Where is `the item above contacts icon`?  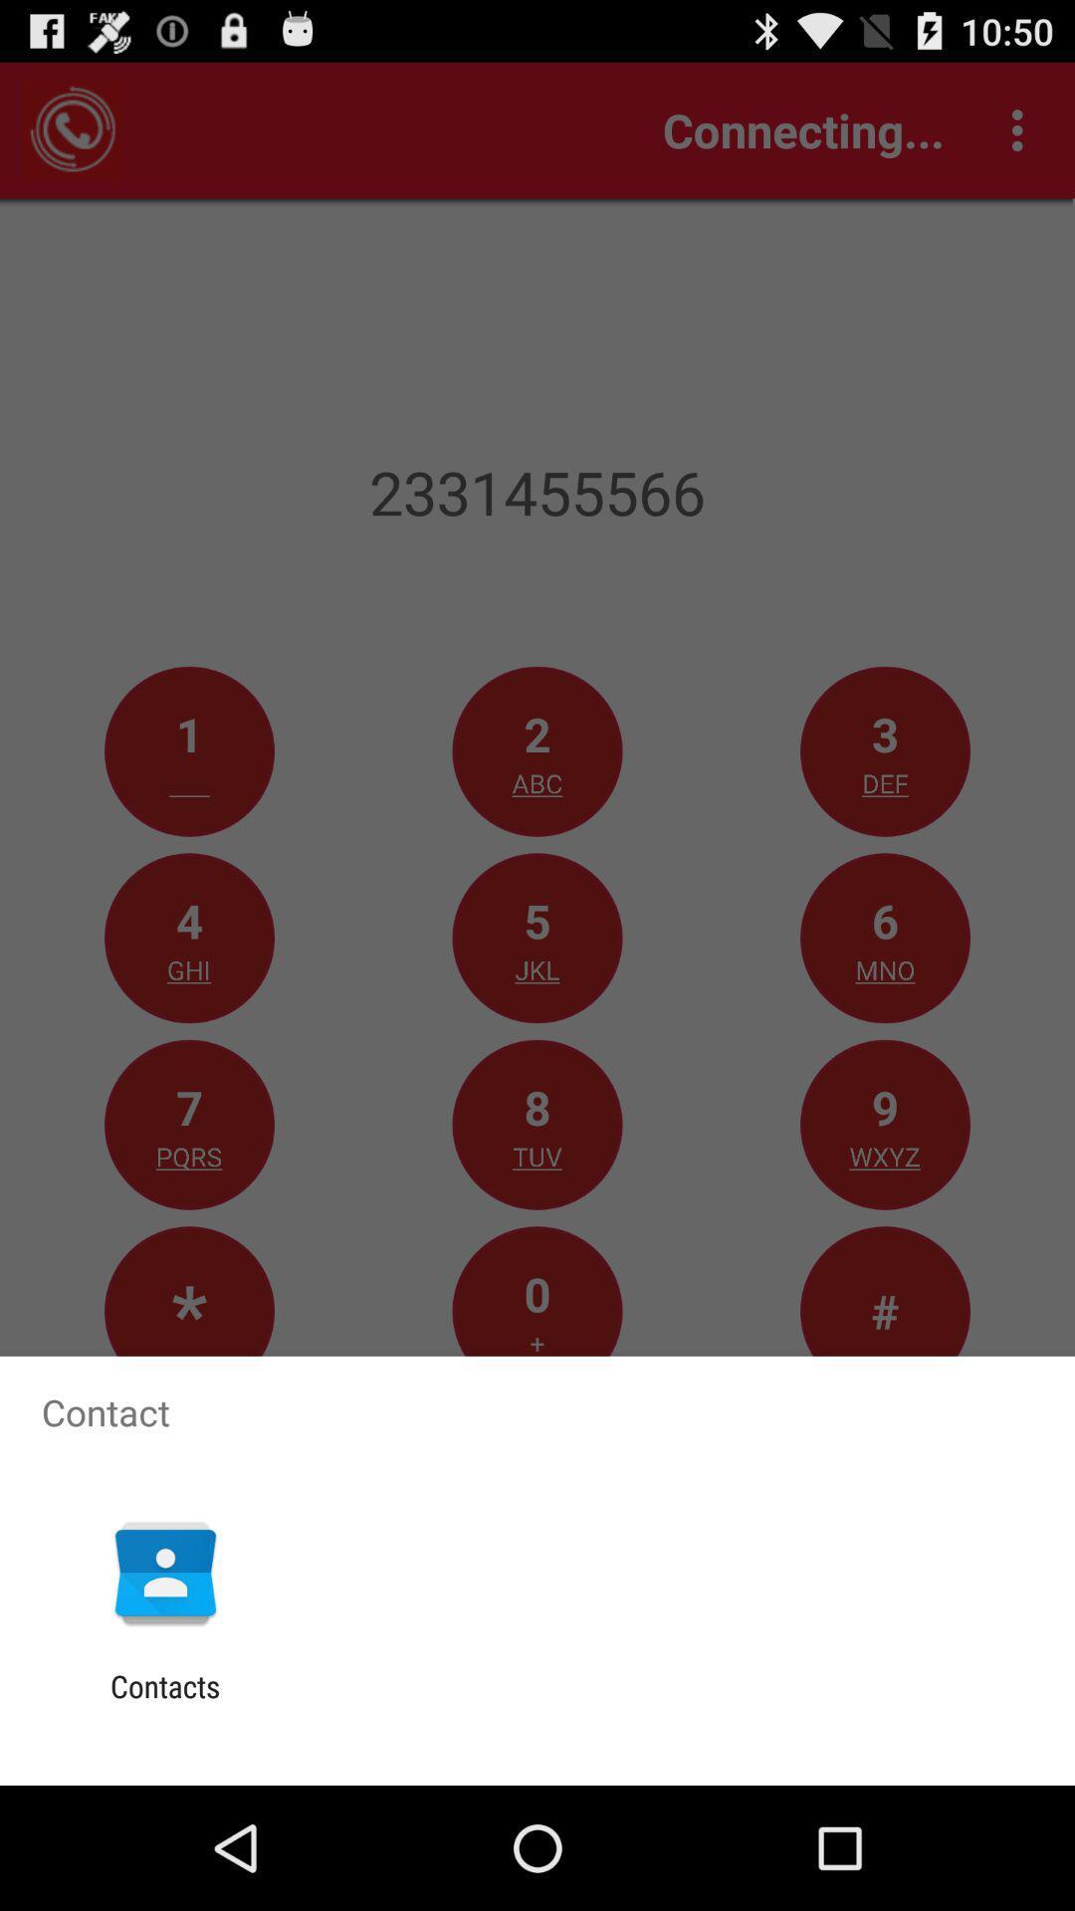 the item above contacts icon is located at coordinates (164, 1572).